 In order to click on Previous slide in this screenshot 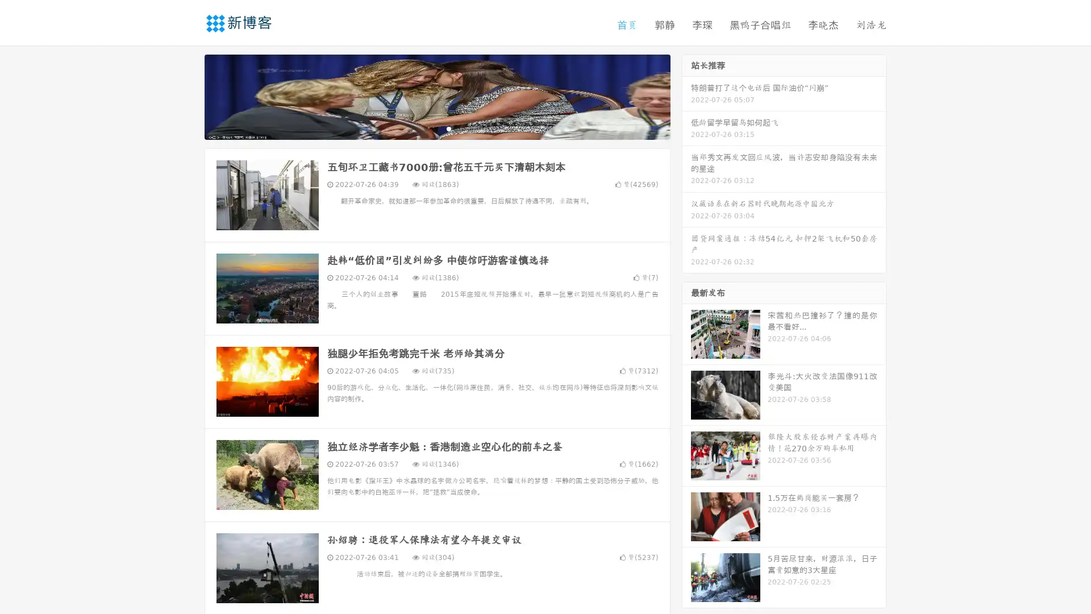, I will do `click(188, 96)`.